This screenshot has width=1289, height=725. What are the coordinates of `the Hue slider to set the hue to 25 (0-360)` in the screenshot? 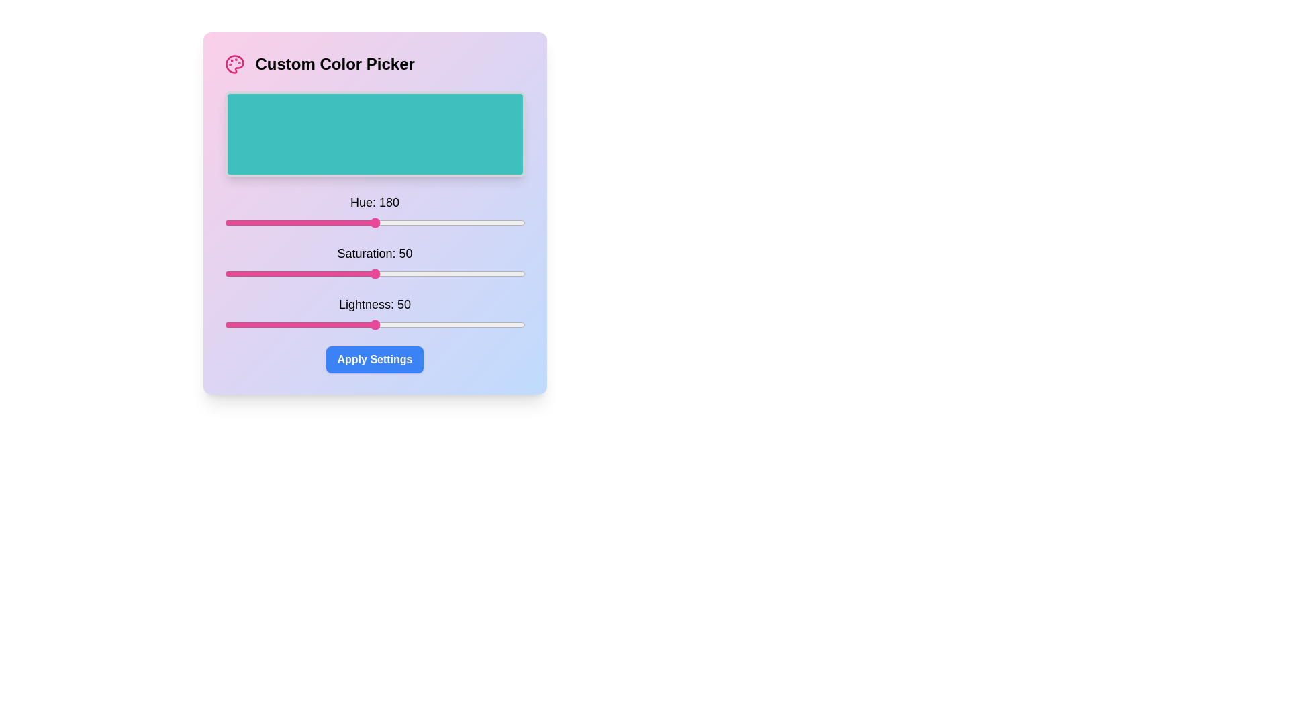 It's located at (245, 222).